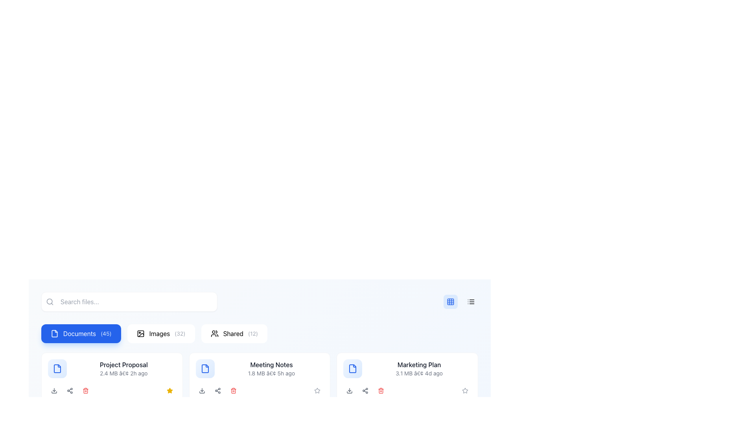  I want to click on the document icon styled as an outlined blue shape within the 'Marketing Plan' card, which is the fourth card in a grid layout of file cards, so click(352, 369).